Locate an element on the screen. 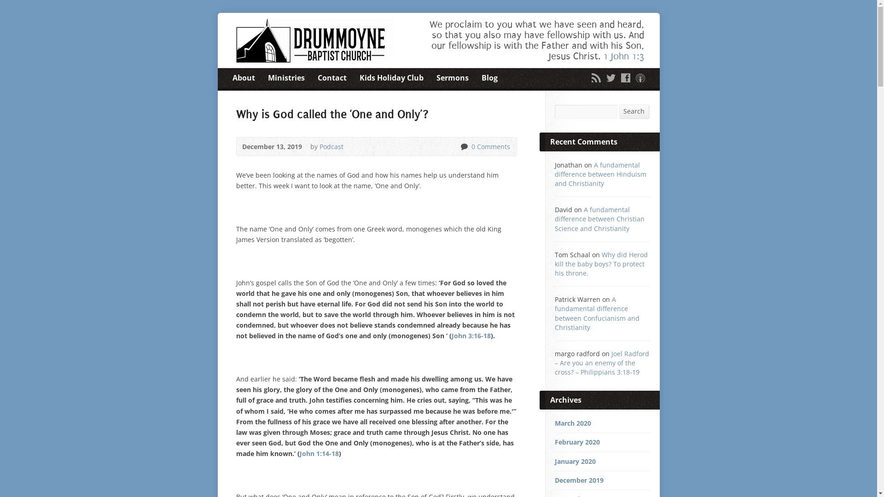 The image size is (884, 497). 'Sermons' is located at coordinates (453, 77).